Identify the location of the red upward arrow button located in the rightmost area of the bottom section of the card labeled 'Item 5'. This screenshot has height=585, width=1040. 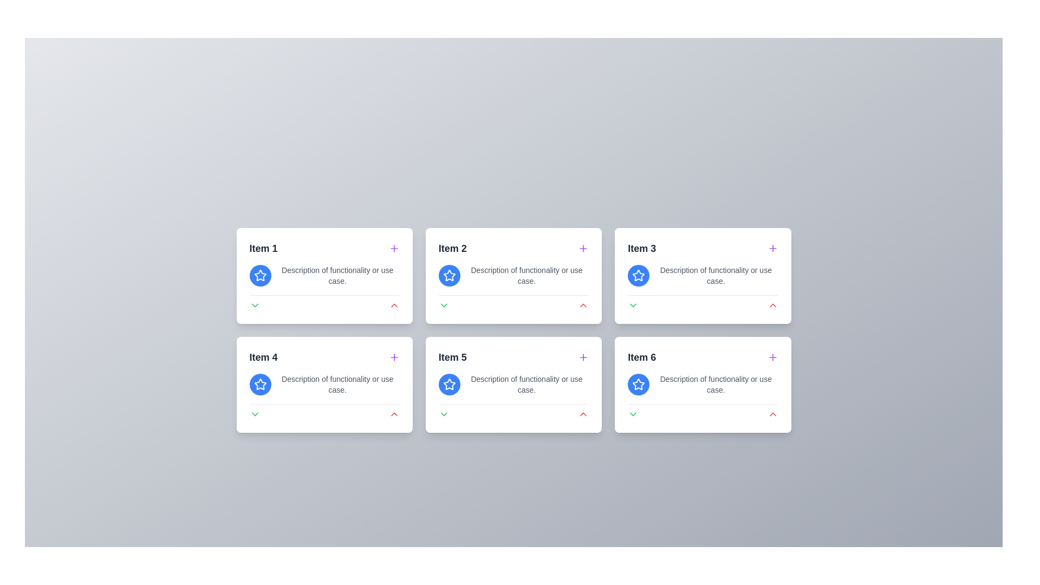
(393, 414).